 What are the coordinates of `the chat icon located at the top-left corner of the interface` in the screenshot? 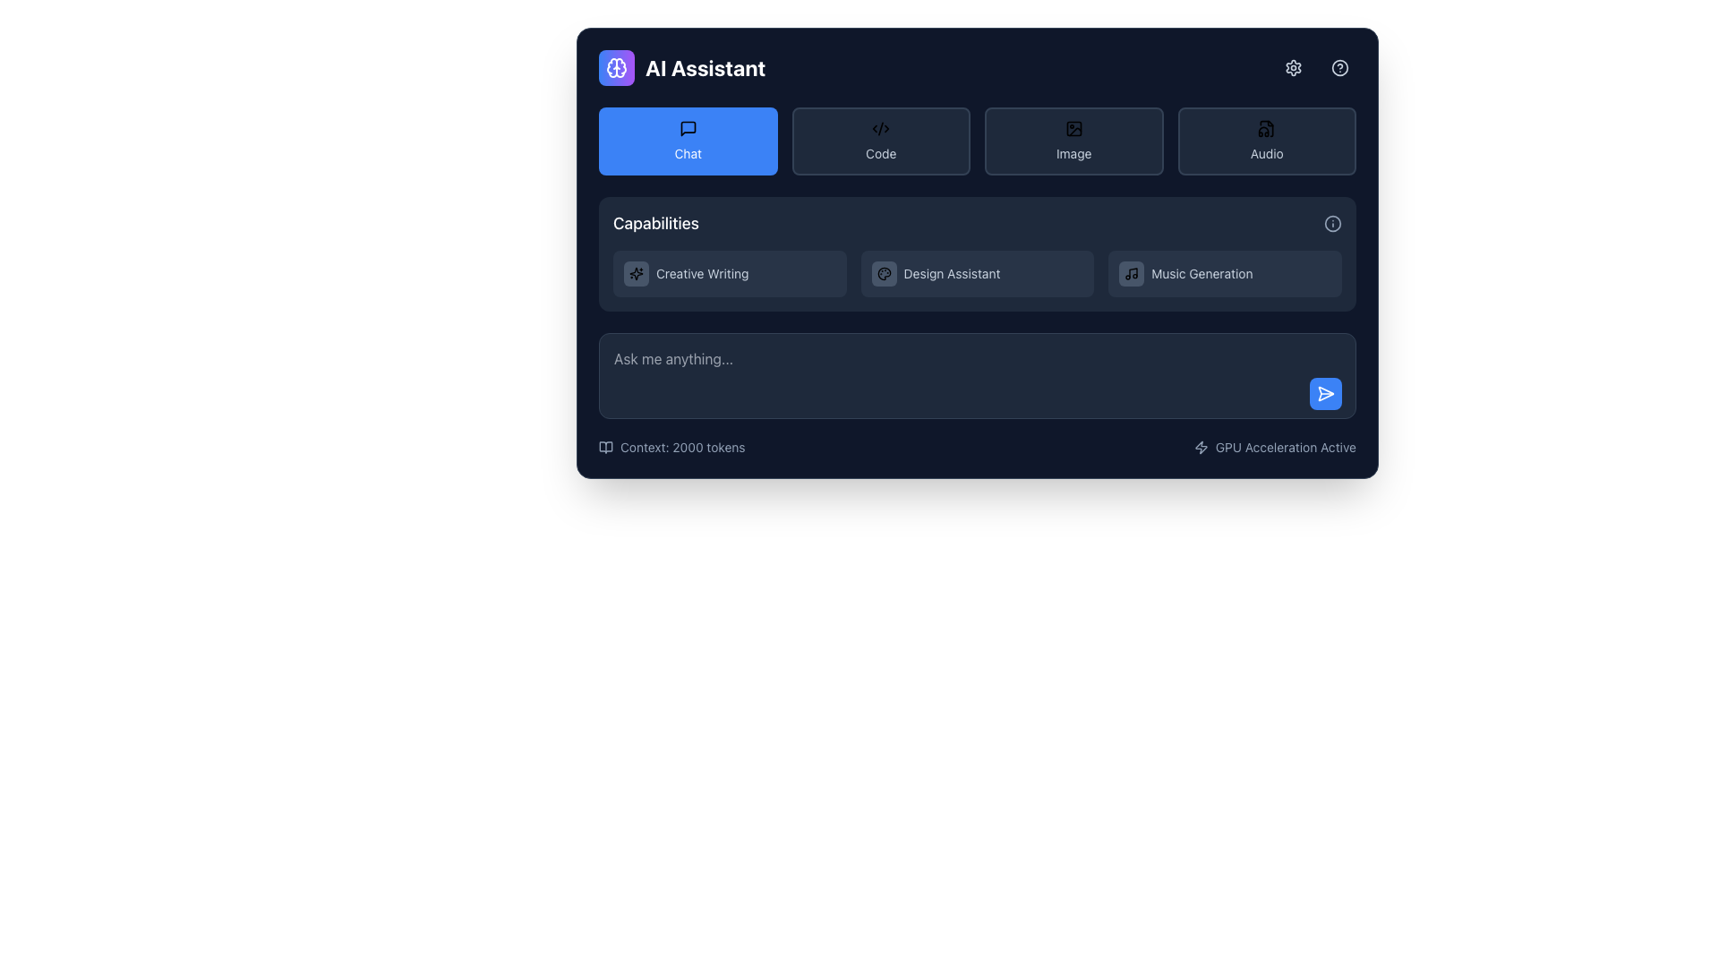 It's located at (687, 127).